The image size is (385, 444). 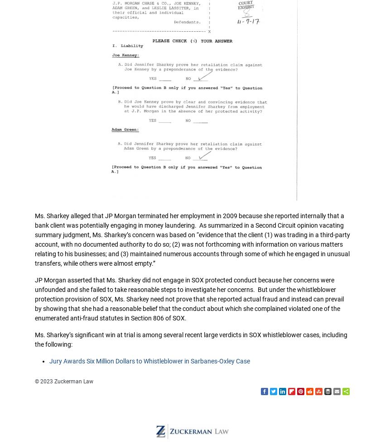 What do you see at coordinates (89, 304) in the screenshot?
I see `'Terms of Use'` at bounding box center [89, 304].